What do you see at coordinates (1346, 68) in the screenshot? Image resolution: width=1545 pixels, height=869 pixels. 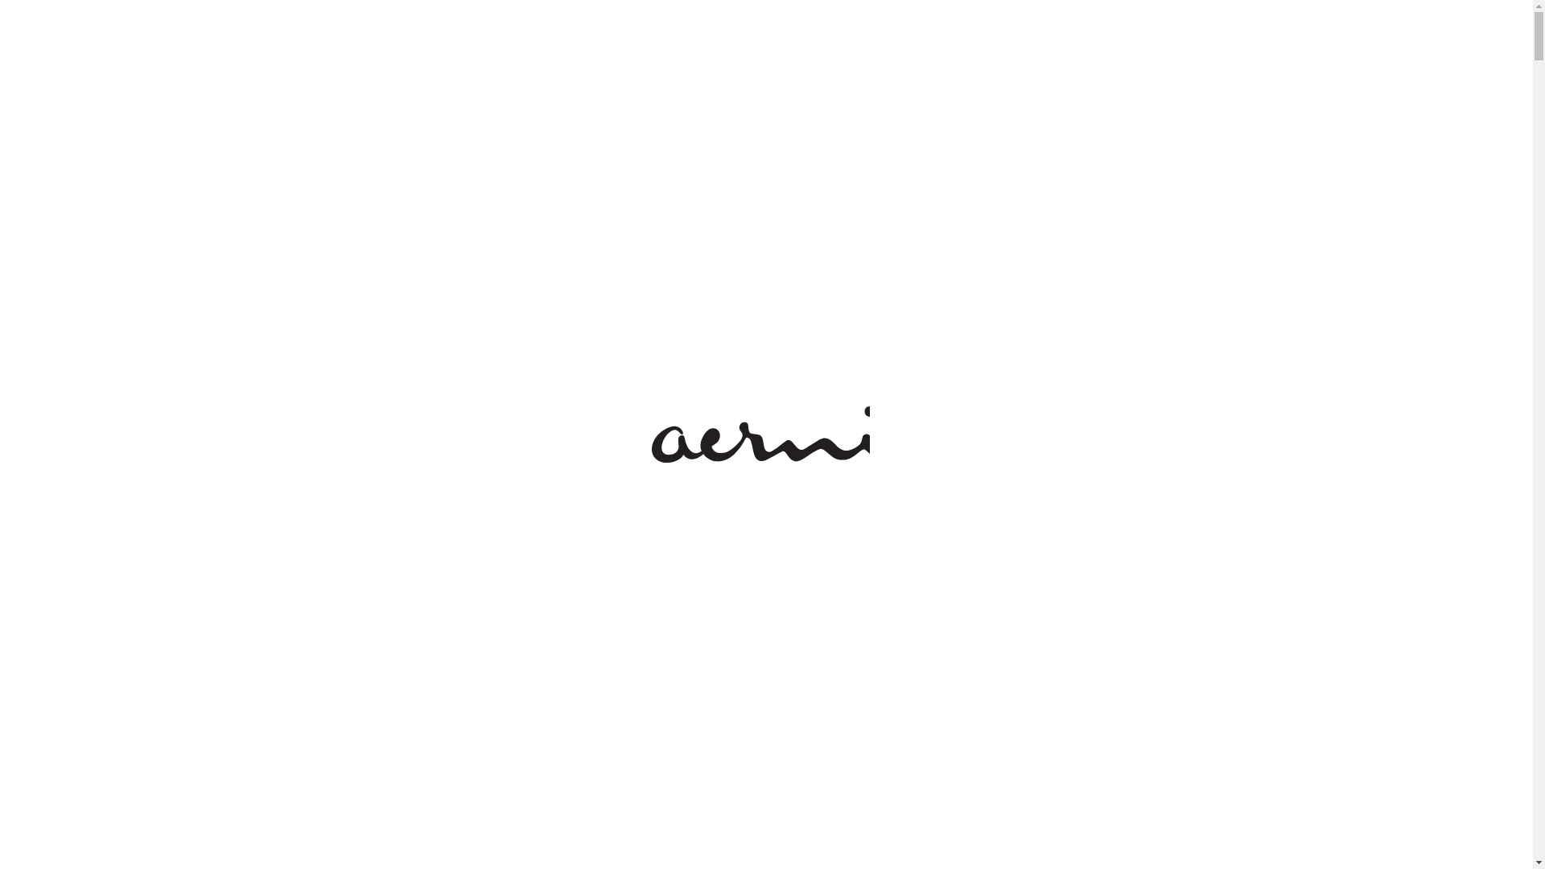 I see `'SHOP'` at bounding box center [1346, 68].